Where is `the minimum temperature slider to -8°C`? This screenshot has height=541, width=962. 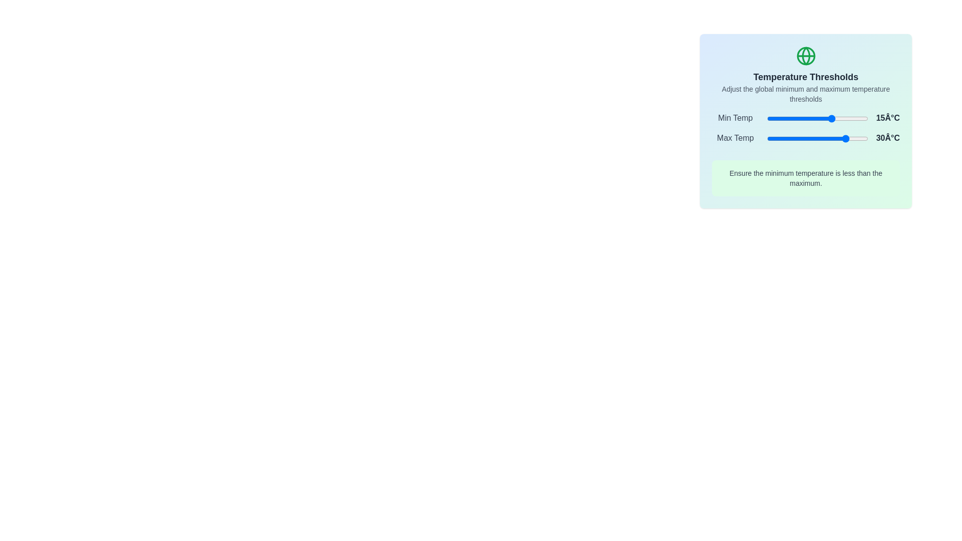
the minimum temperature slider to -8°C is located at coordinates (809, 118).